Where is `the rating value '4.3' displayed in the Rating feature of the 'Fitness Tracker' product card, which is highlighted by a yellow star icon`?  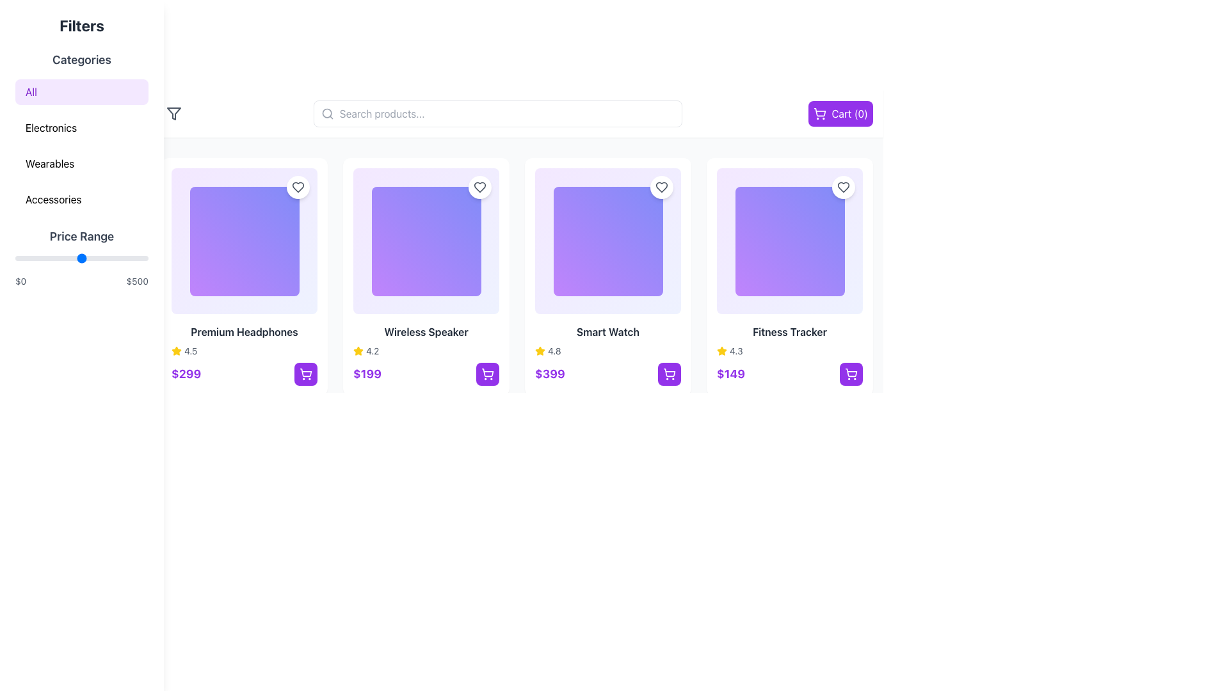
the rating value '4.3' displayed in the Rating feature of the 'Fitness Tracker' product card, which is highlighted by a yellow star icon is located at coordinates (789, 351).